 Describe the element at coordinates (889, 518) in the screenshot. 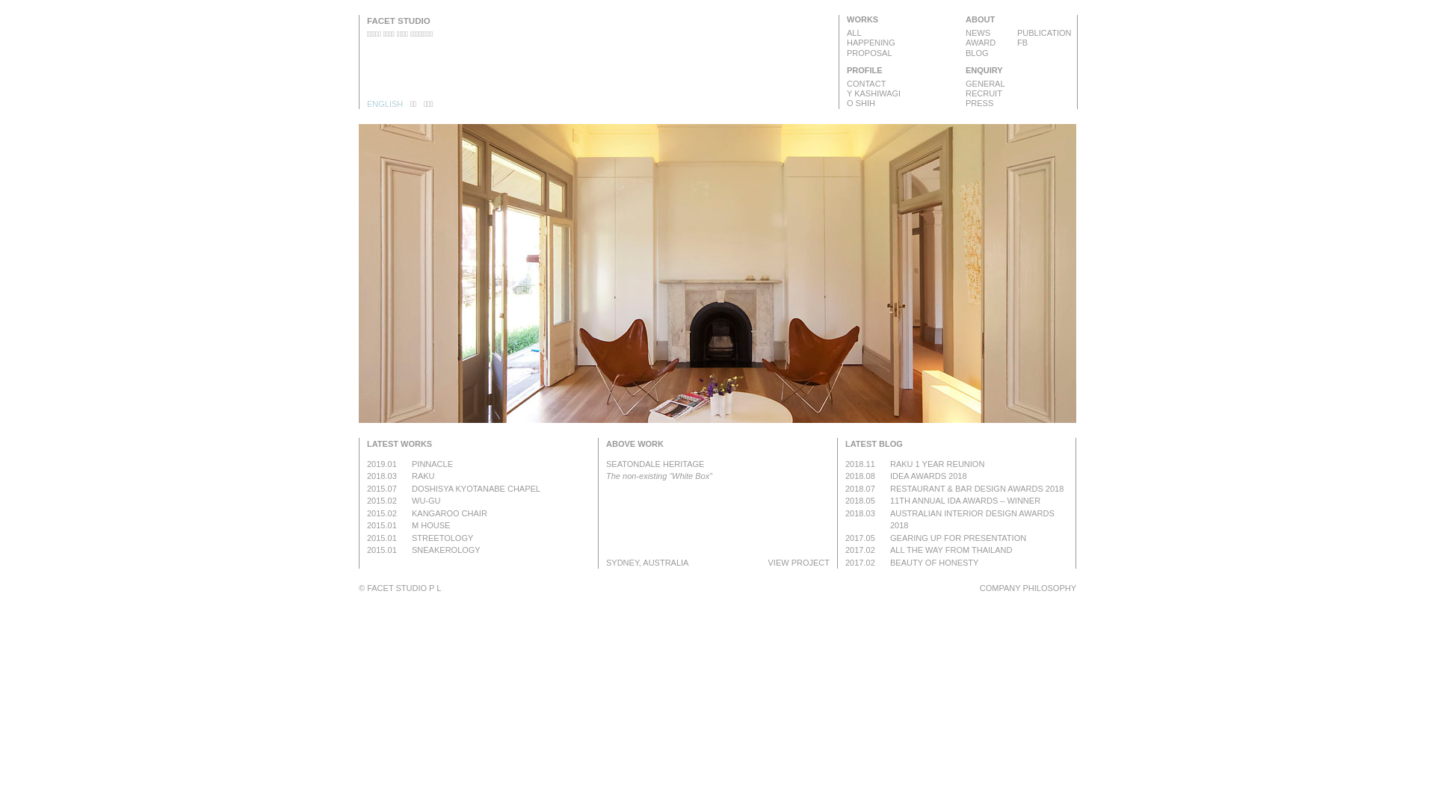

I see `'AUSTRALIAN INTERIOR DESIGN AWARDS 2018'` at that location.